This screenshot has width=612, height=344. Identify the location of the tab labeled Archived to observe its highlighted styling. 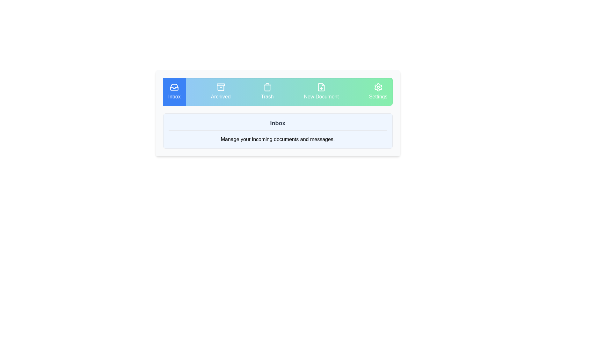
(221, 92).